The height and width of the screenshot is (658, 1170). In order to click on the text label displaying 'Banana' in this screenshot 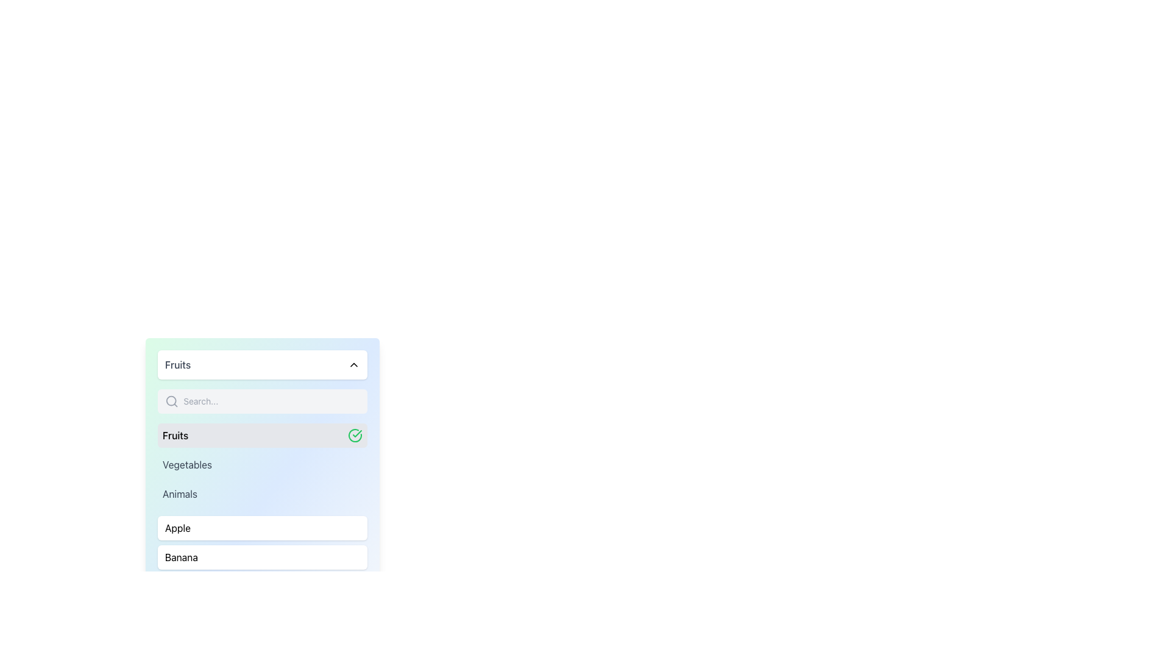, I will do `click(180, 557)`.